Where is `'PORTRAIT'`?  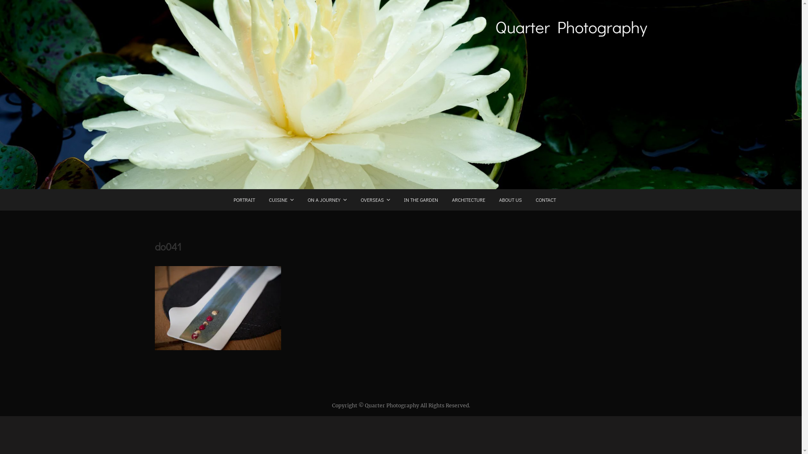
'PORTRAIT' is located at coordinates (244, 200).